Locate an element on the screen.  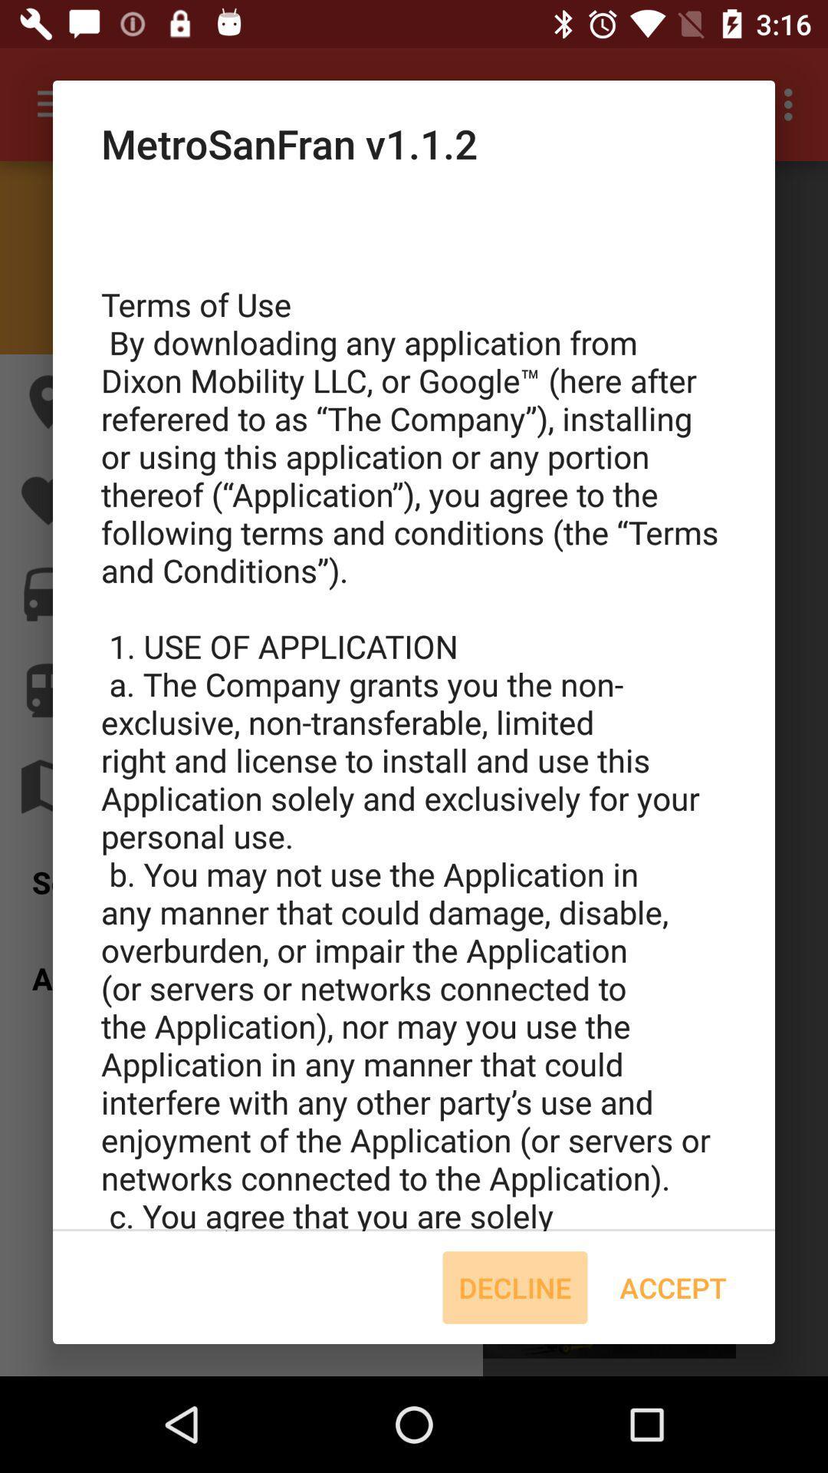
the icon next to the accept is located at coordinates (514, 1287).